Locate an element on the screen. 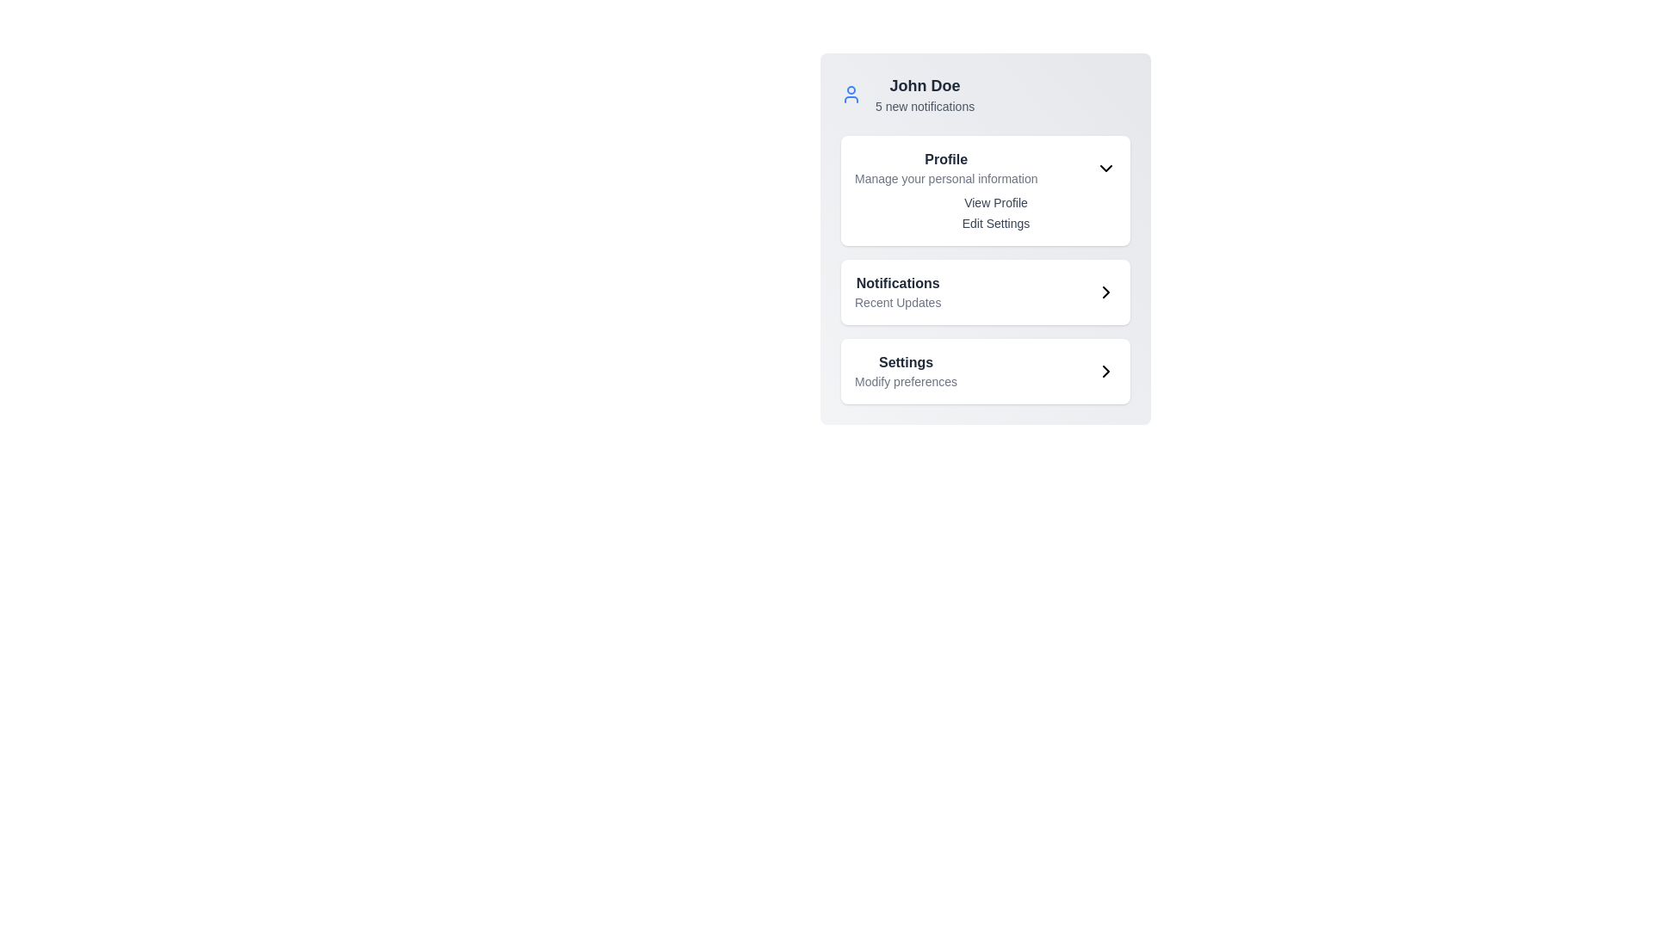 Image resolution: width=1653 pixels, height=929 pixels. user name 'John Doe' and the notification count '5 new notifications' from the informational header displayed in a light gray background, located near the top of the panel is located at coordinates (924, 95).